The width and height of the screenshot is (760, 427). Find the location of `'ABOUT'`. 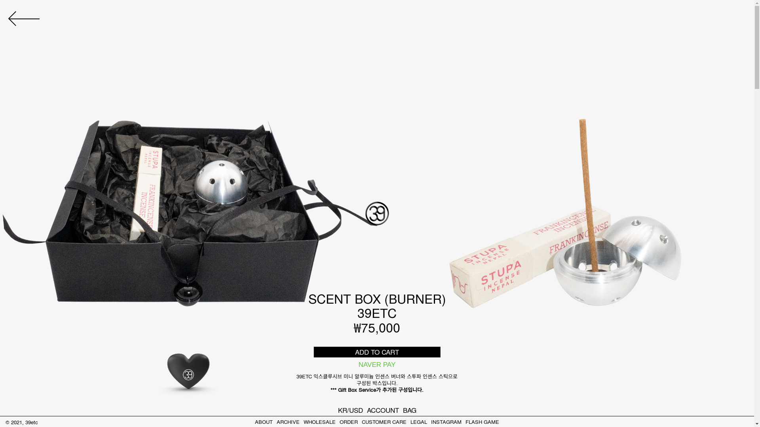

'ABOUT' is located at coordinates (264, 421).